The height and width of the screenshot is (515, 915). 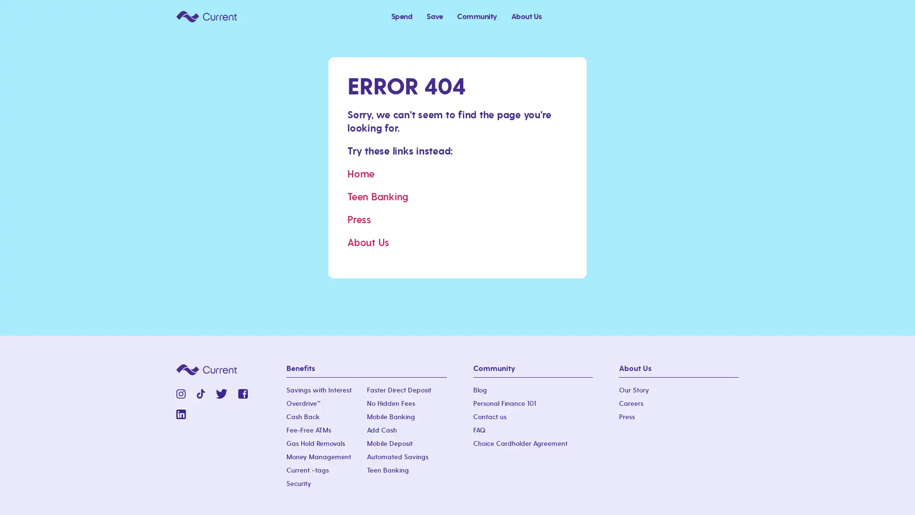 I want to click on Faster Direct Deposit, so click(x=398, y=390).